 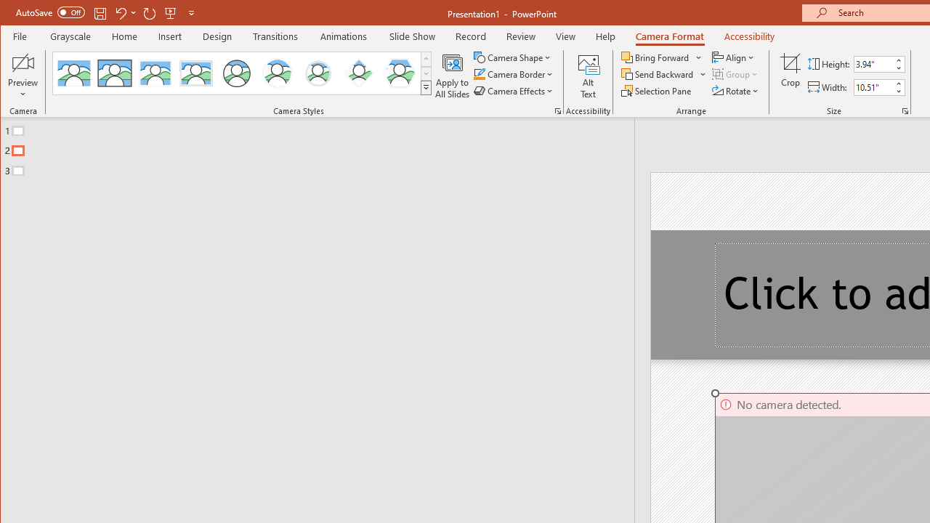 What do you see at coordinates (668, 36) in the screenshot?
I see `'Camera Format'` at bounding box center [668, 36].